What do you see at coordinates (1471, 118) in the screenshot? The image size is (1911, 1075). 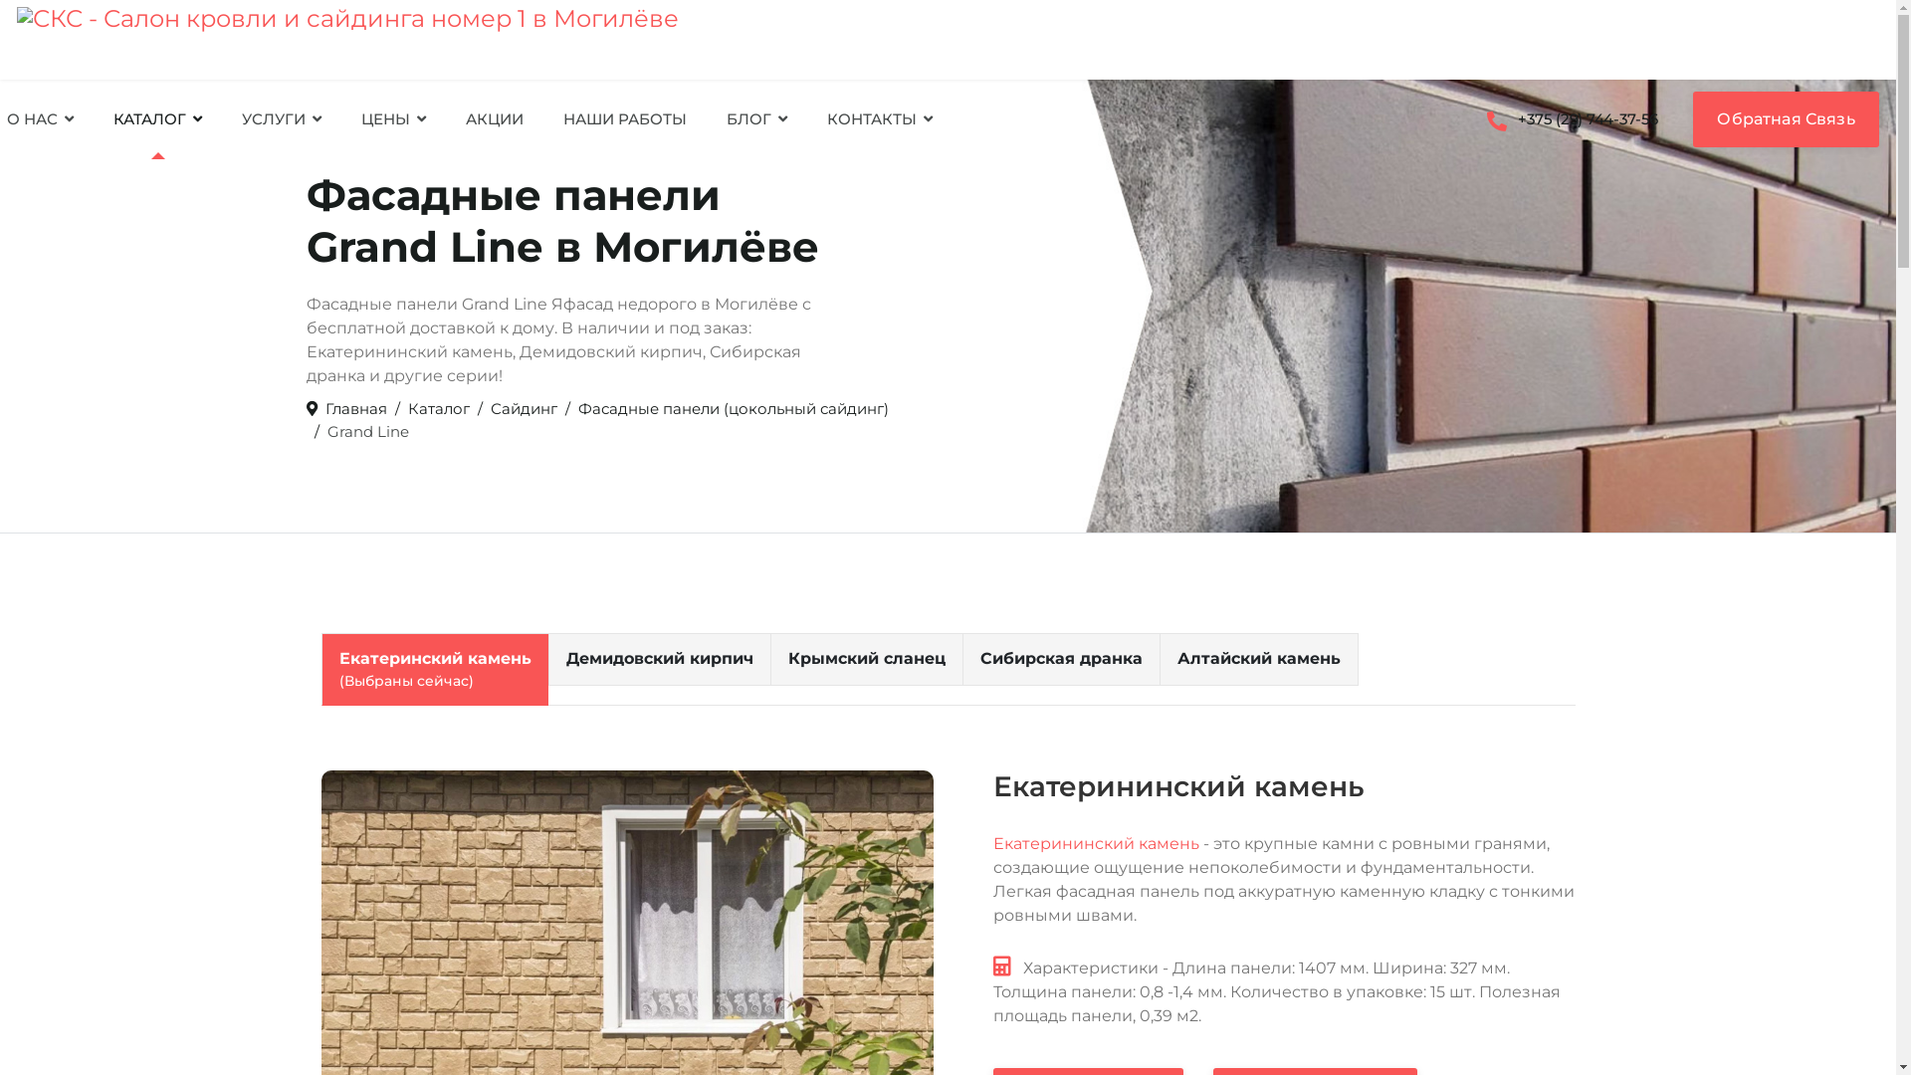 I see `'+375 (29) 744-37-56'` at bounding box center [1471, 118].